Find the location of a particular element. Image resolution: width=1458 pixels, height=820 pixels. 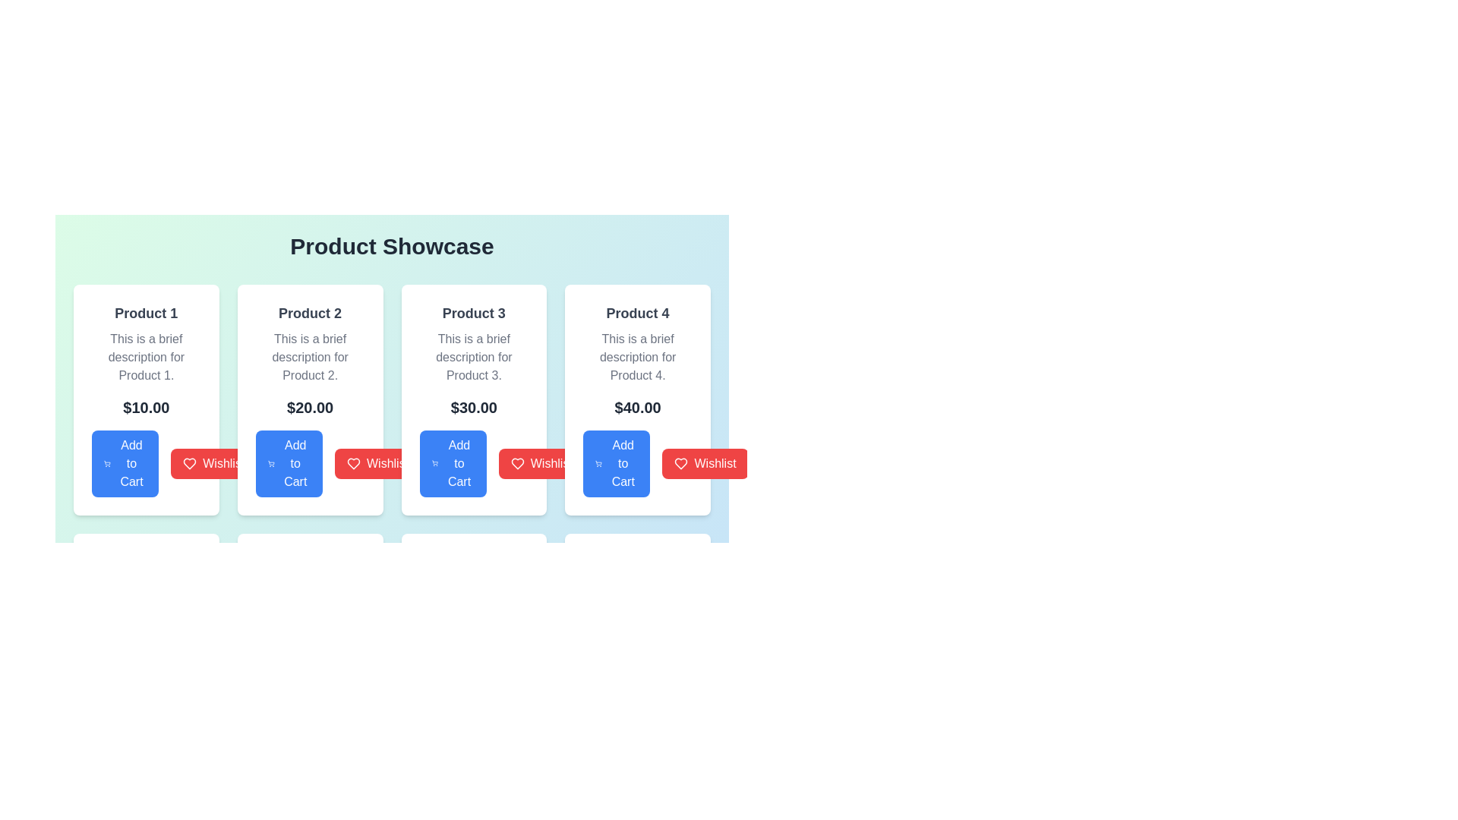

the 'Wishlist' text label, which is part of a button with a heart icon is located at coordinates (222, 462).